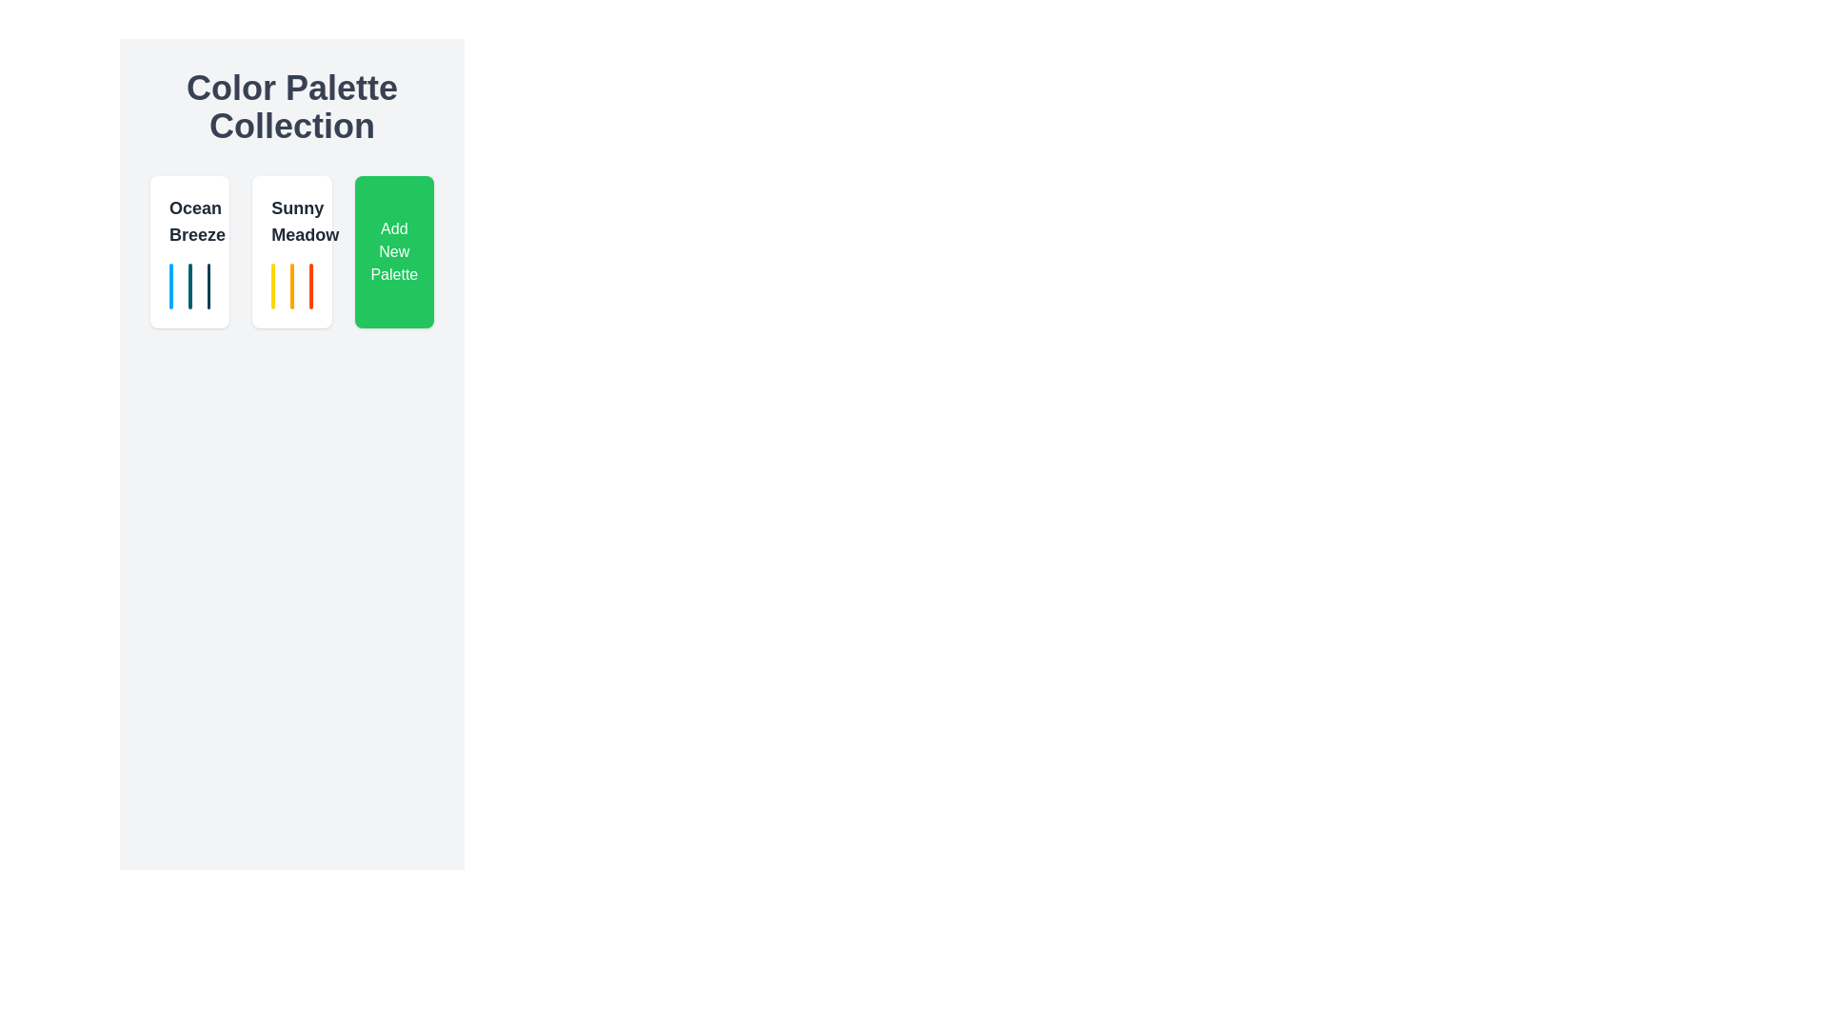 The height and width of the screenshot is (1028, 1828). Describe the element at coordinates (381, 251) in the screenshot. I see `the center of the circular icon located within the green card labeled 'Add New Palette', which is the rightmost card under the 'Color Palette Collection' heading` at that location.